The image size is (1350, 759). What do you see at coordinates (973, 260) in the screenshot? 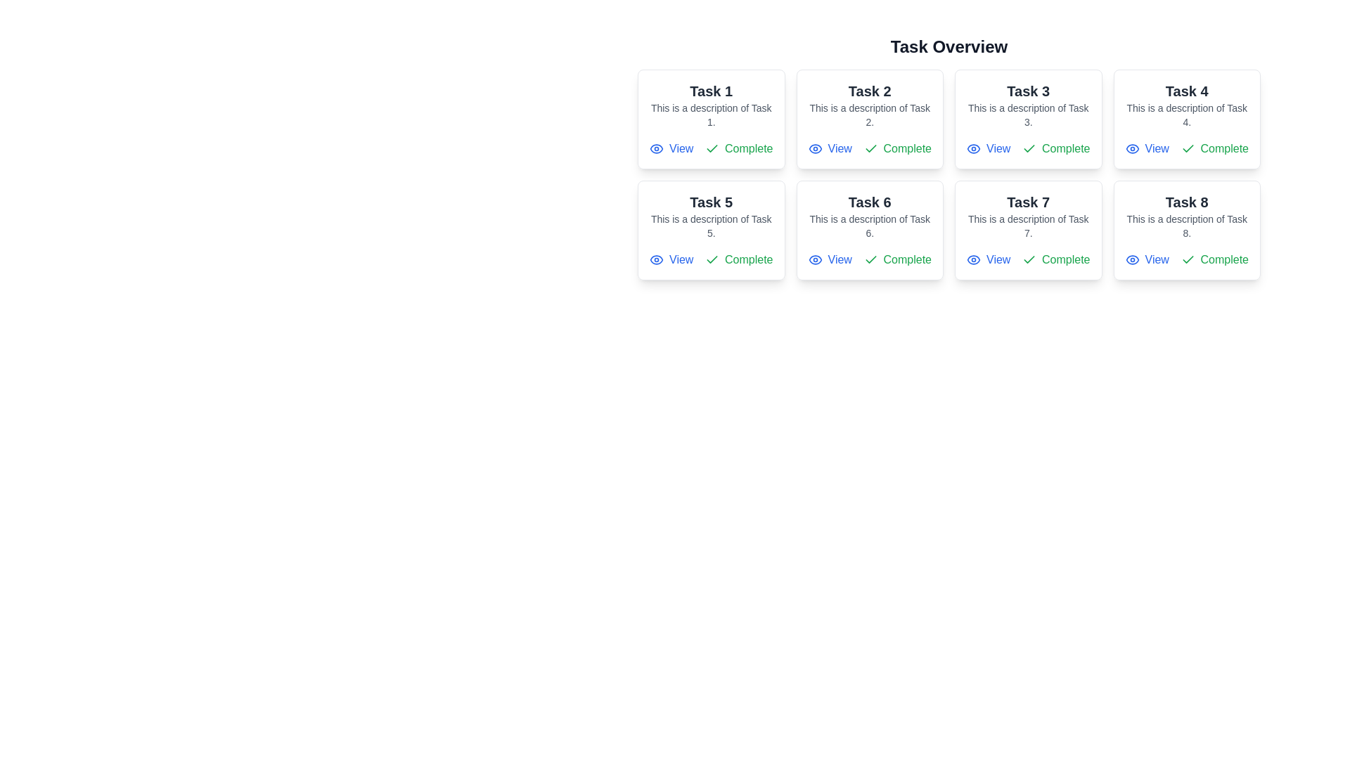
I see `the blue eye icon located inside the 'View' button for 'Task 7' in the task card layout` at bounding box center [973, 260].